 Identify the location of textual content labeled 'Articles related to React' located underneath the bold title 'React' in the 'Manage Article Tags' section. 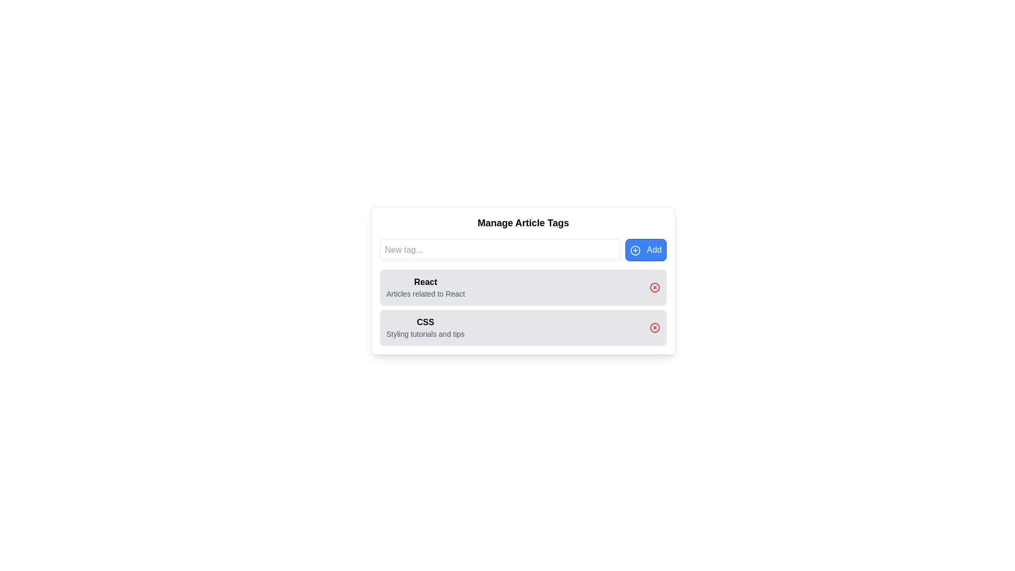
(426, 293).